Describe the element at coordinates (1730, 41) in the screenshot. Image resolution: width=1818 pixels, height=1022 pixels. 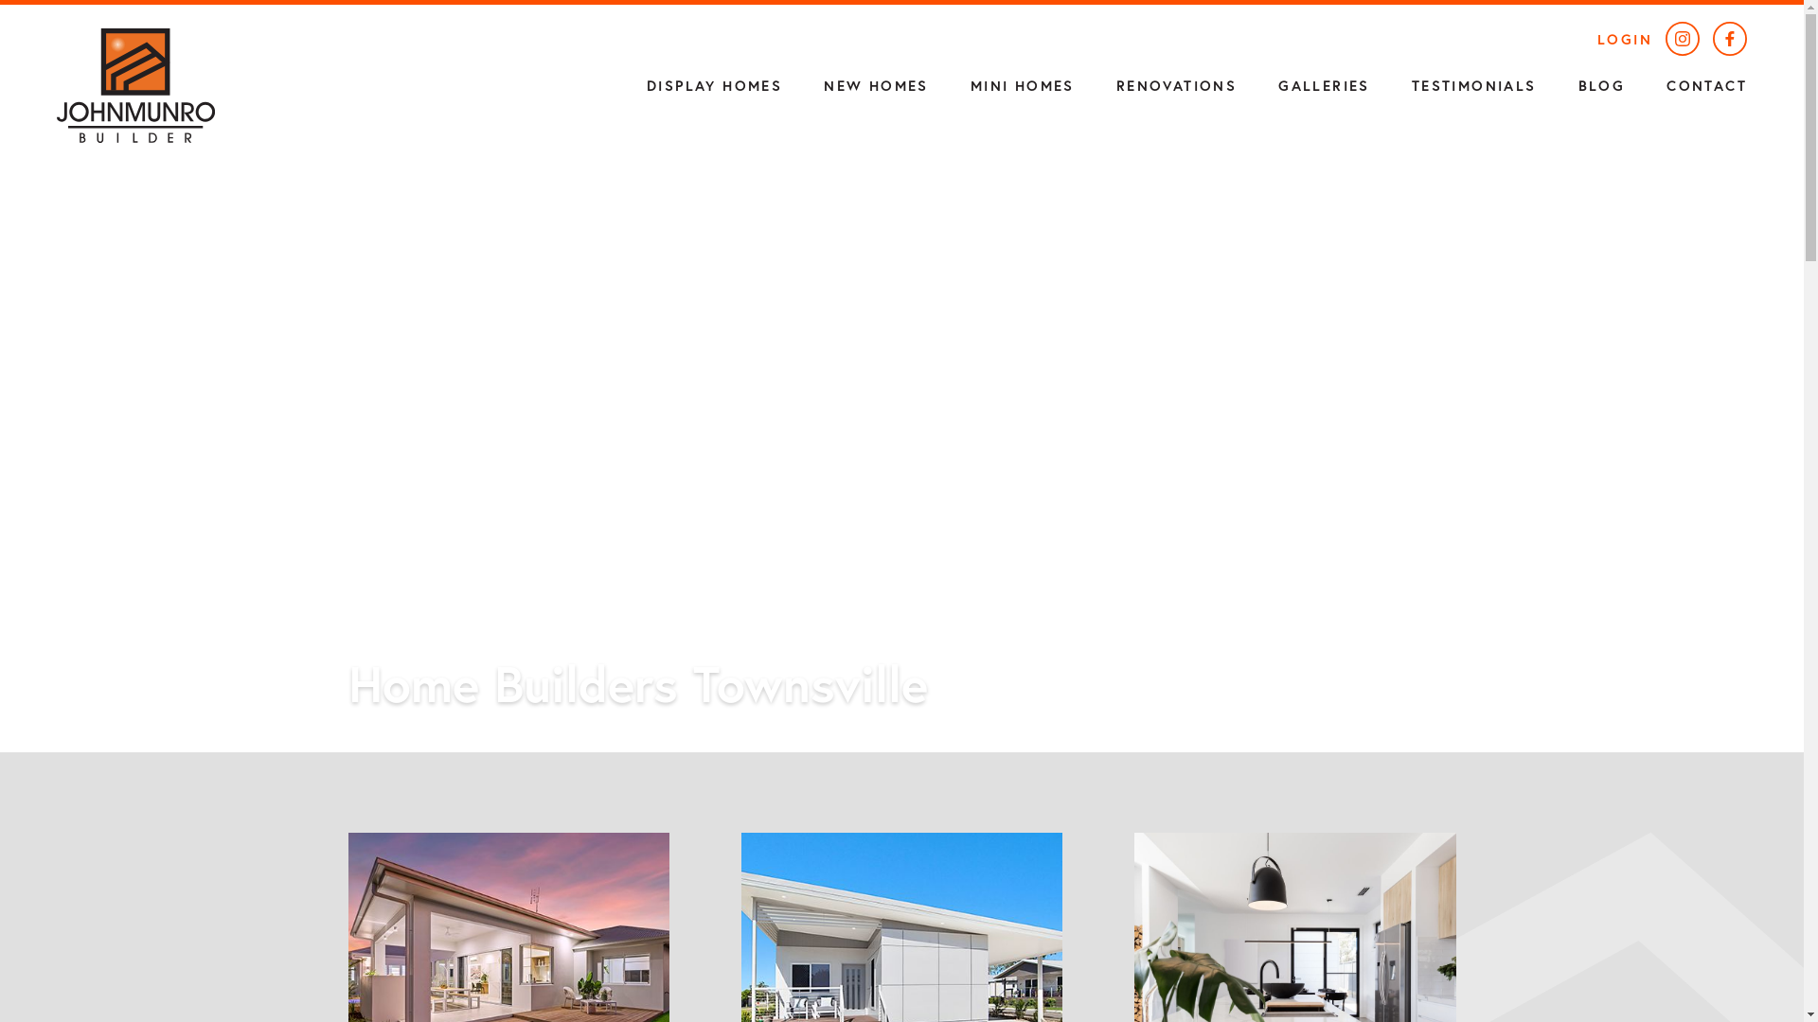
I see `'facebook'` at that location.